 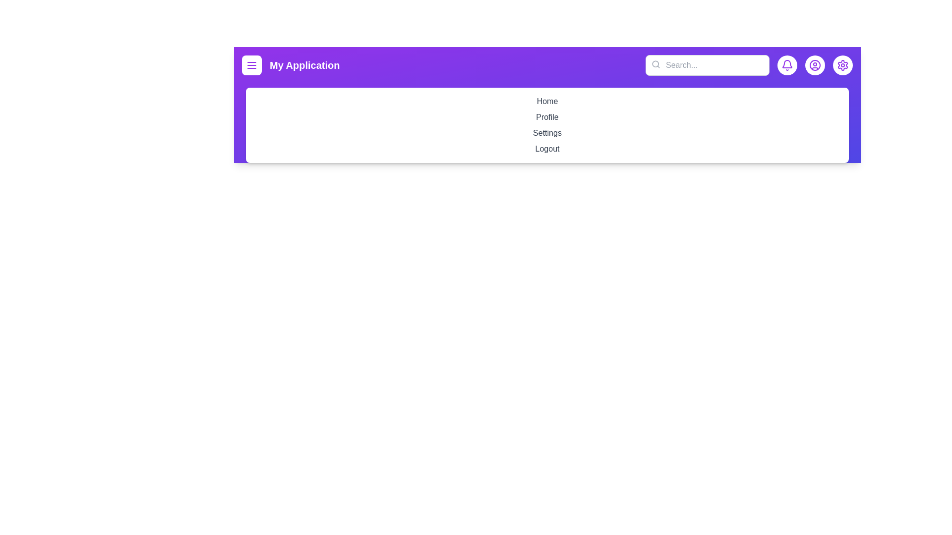 What do you see at coordinates (842, 65) in the screenshot?
I see `the icon button corresponding to settings` at bounding box center [842, 65].